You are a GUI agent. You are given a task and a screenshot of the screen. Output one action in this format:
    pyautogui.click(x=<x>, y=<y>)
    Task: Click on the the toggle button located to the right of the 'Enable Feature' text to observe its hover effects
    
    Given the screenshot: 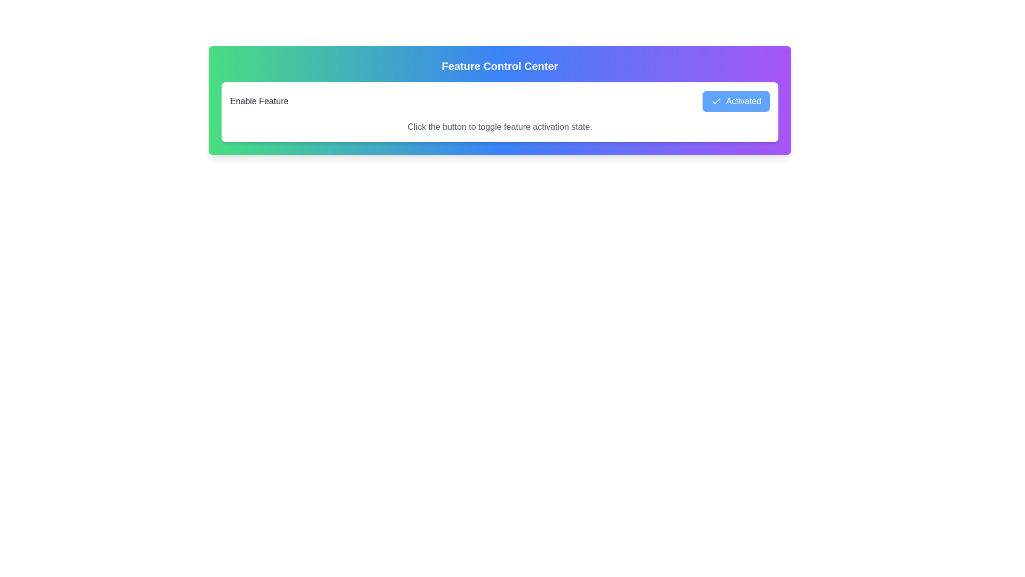 What is the action you would take?
    pyautogui.click(x=736, y=101)
    